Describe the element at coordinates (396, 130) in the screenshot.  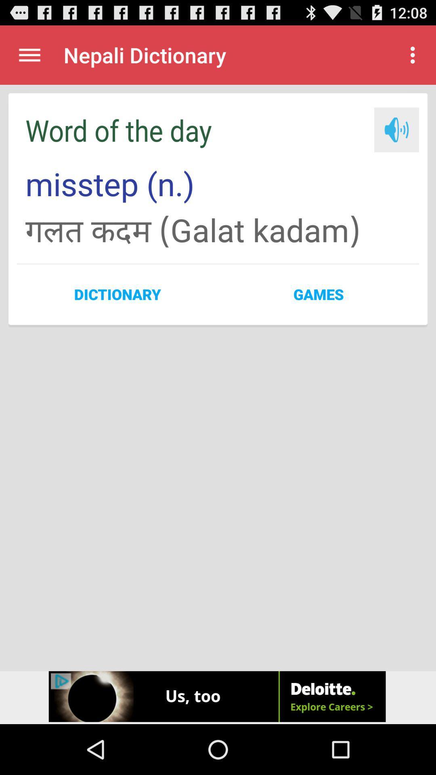
I see `hear text` at that location.